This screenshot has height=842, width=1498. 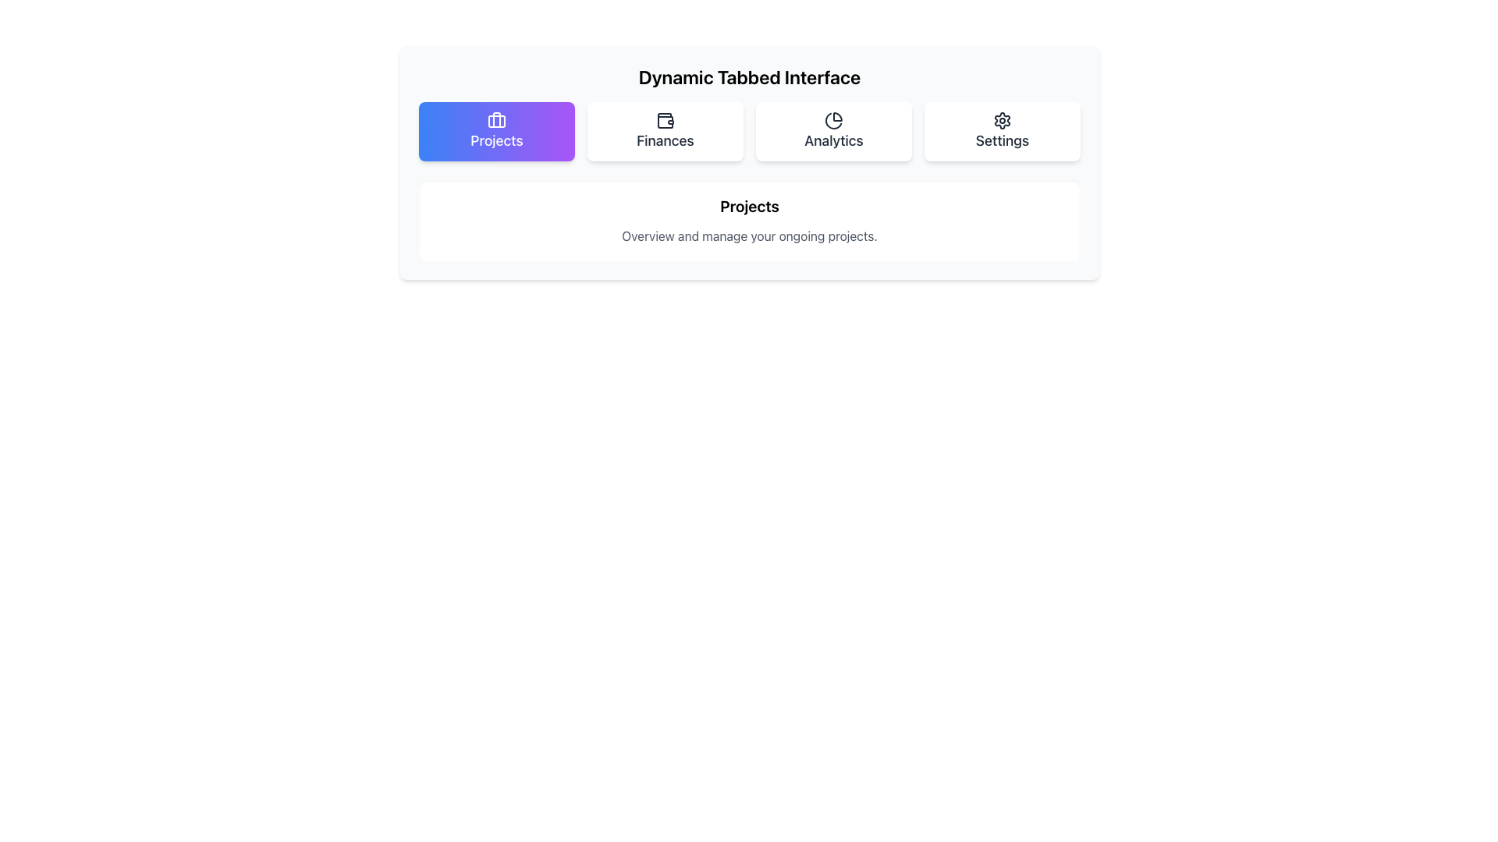 I want to click on the 'Projects' tab label, which is the leftmost tab in the navigation row for managing ongoing projects, so click(x=496, y=141).